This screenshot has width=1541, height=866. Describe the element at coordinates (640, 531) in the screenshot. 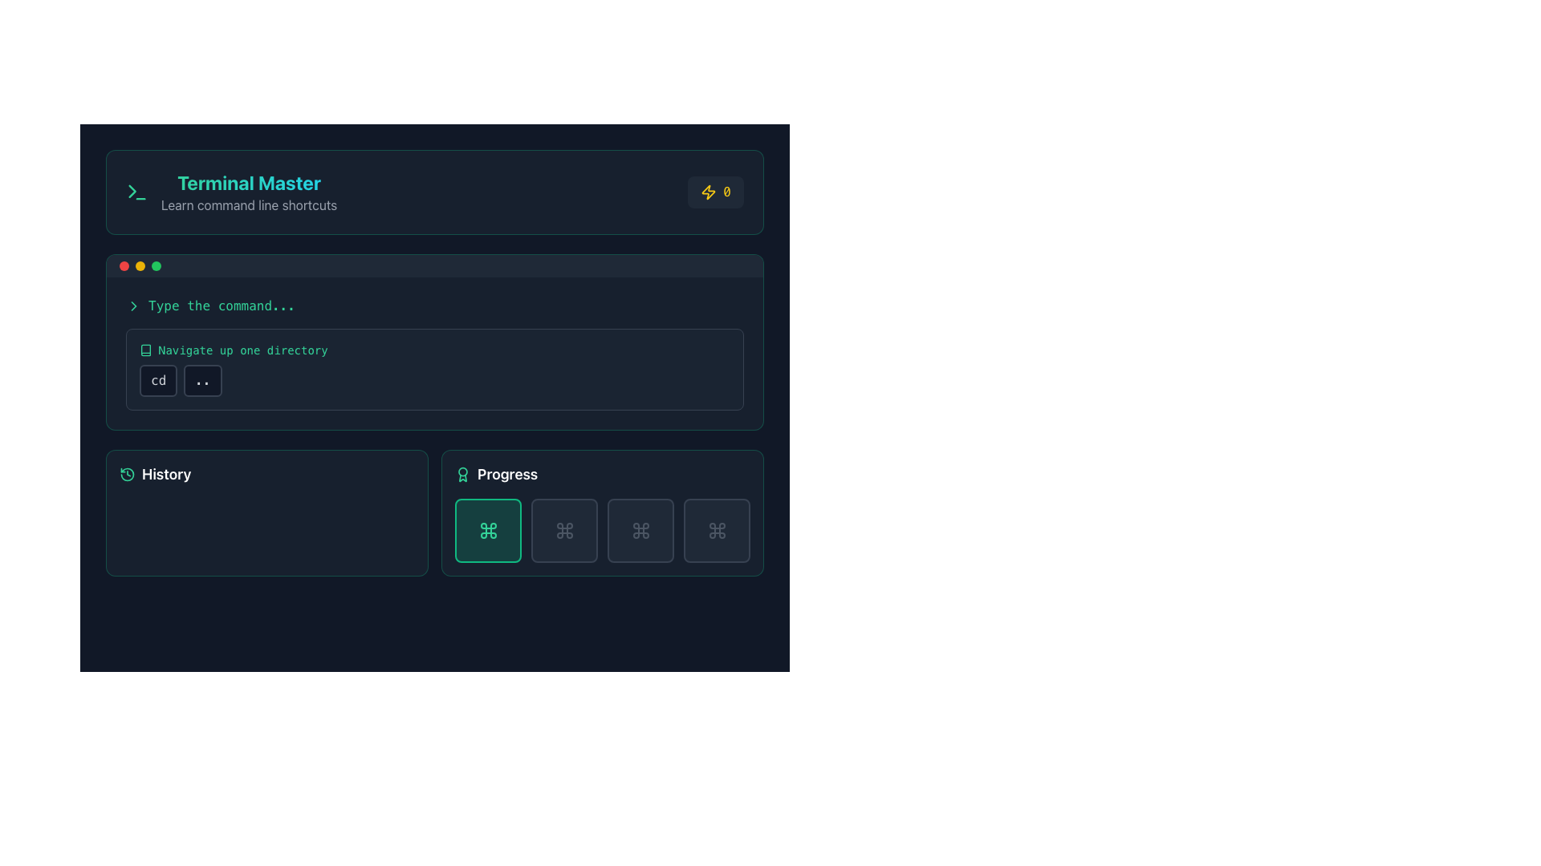

I see `the icon located in the third position of the horizontal row of square buttons under the 'Progress' label at the bottom-right of the interface` at that location.